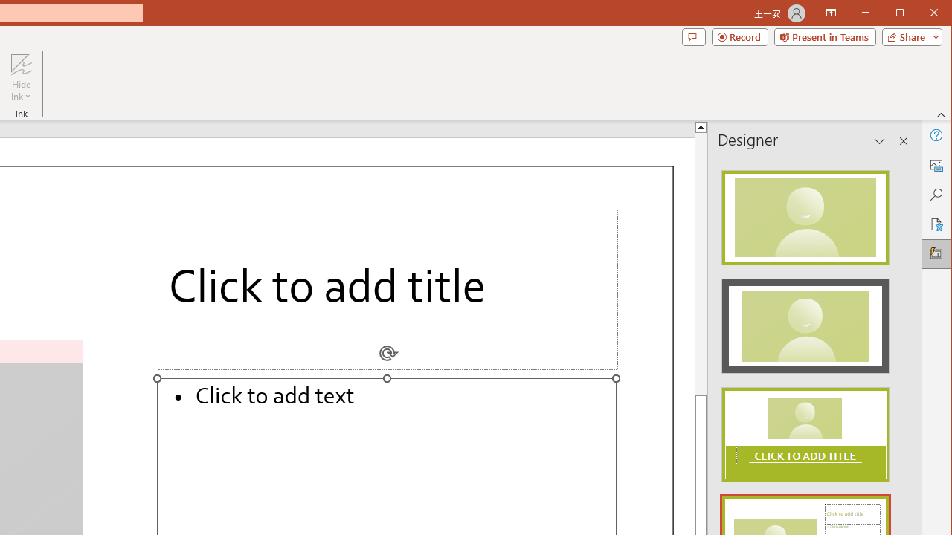 The height and width of the screenshot is (535, 952). Describe the element at coordinates (804, 213) in the screenshot. I see `'Recommended Design: Design Idea'` at that location.